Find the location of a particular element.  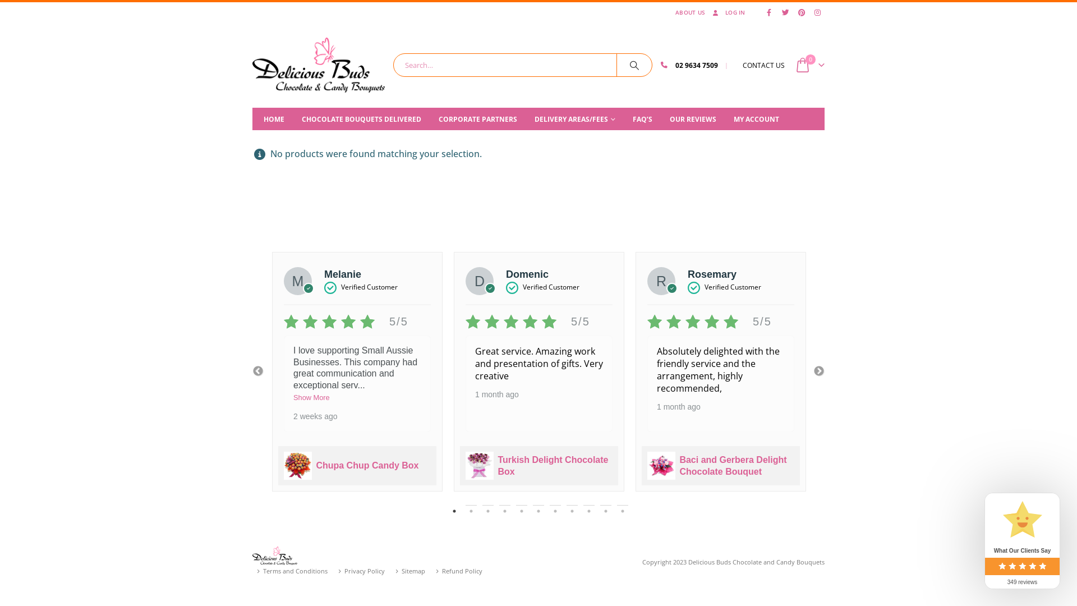

'Twitter' is located at coordinates (785, 12).